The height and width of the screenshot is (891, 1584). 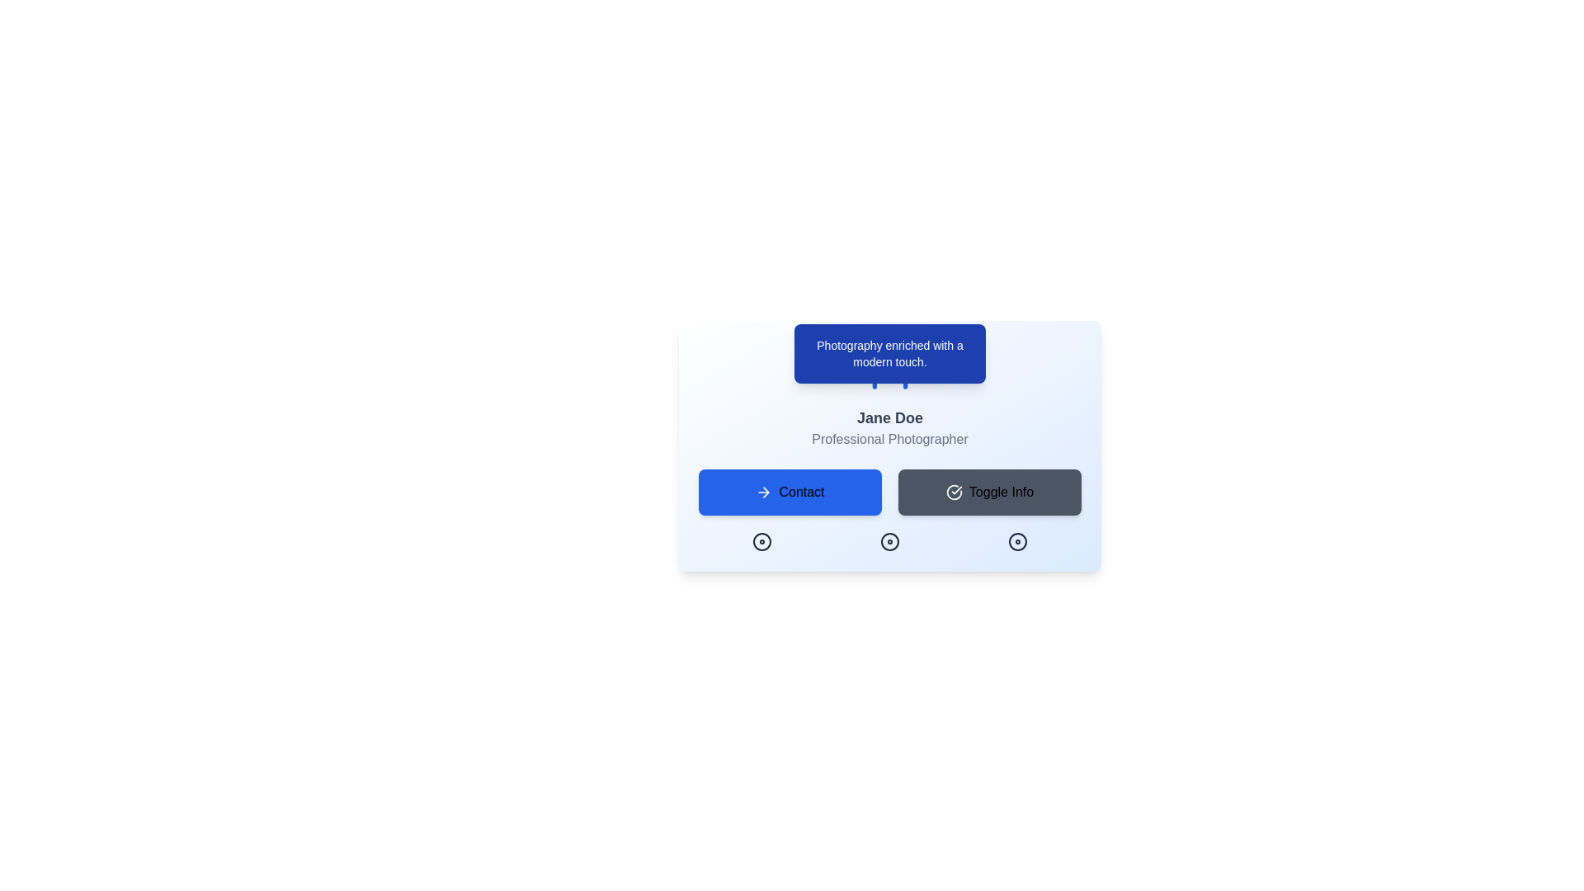 What do you see at coordinates (1016, 541) in the screenshot?
I see `the third circular icon located at the bottom of the interface card` at bounding box center [1016, 541].